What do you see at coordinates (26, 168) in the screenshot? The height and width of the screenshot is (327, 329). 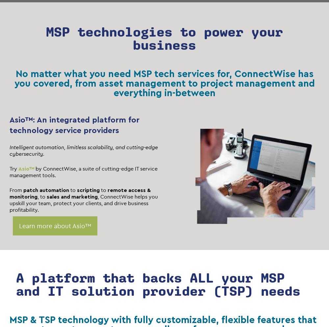 I see `'Asio™'` at bounding box center [26, 168].